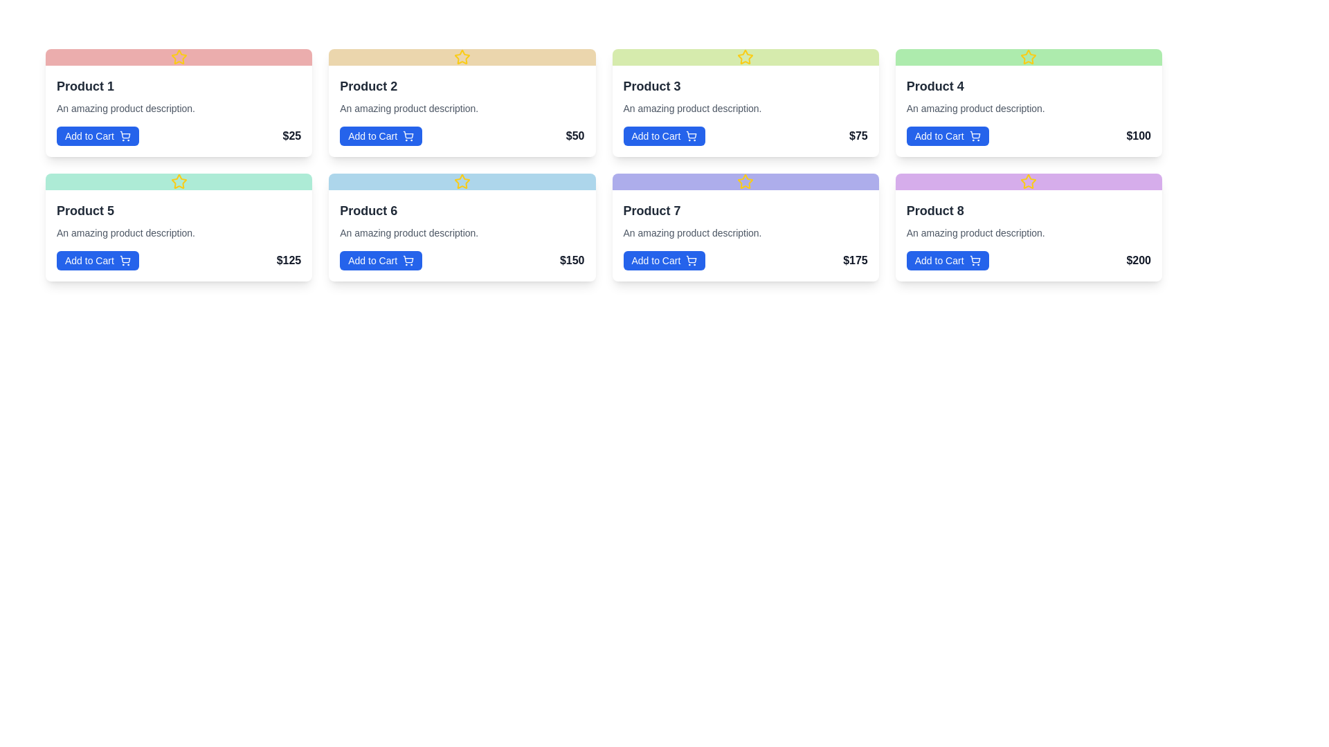 The height and width of the screenshot is (747, 1329). Describe the element at coordinates (288, 261) in the screenshot. I see `the Static Text indicating the price of 'Product 5', located at the bottom-right corner of the product card, right of the 'Add to Cart' button` at that location.